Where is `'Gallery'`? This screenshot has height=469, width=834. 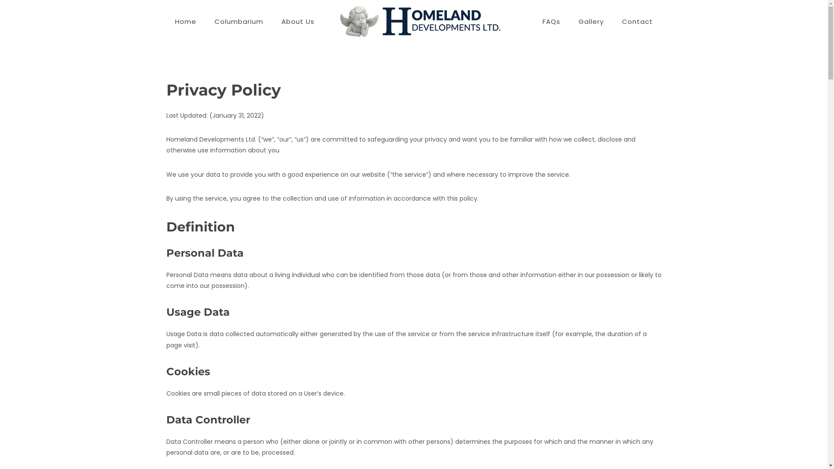
'Gallery' is located at coordinates (591, 21).